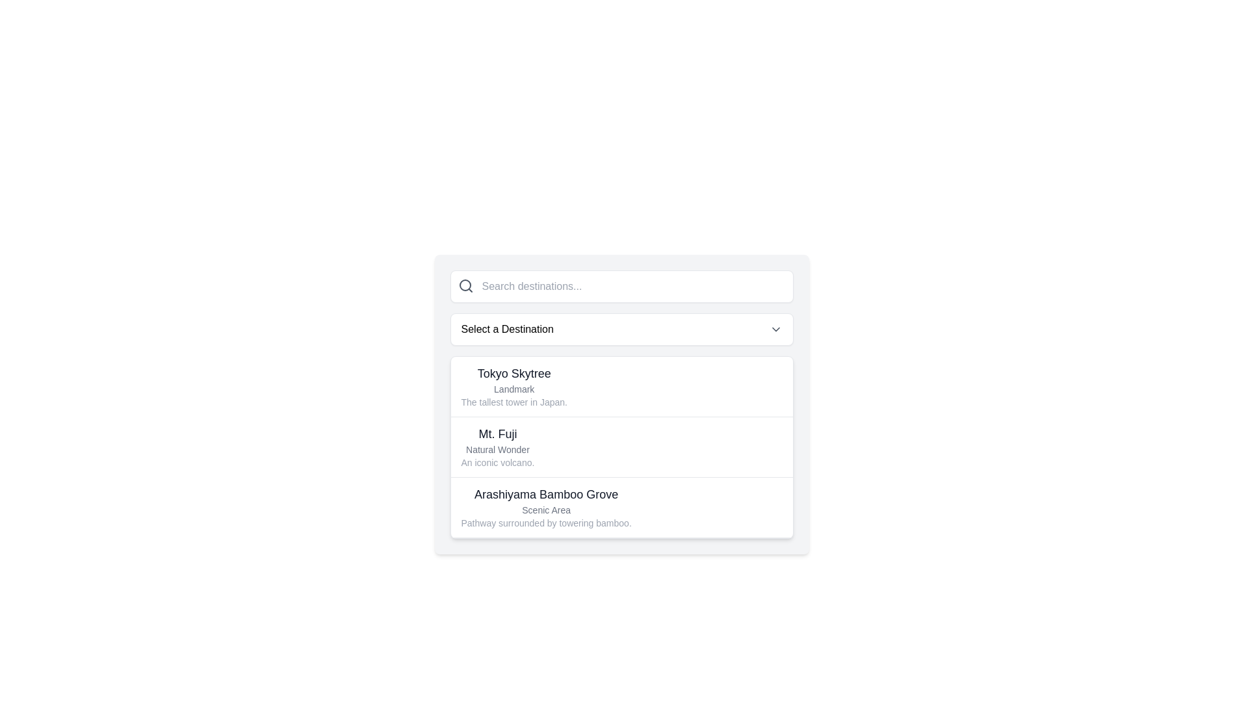  What do you see at coordinates (513, 388) in the screenshot?
I see `the static text element labeled 'Landmark', which is styled in a smaller font size with a muted gray tone, located directly beneath the title 'Tokyo Skytree'` at bounding box center [513, 388].